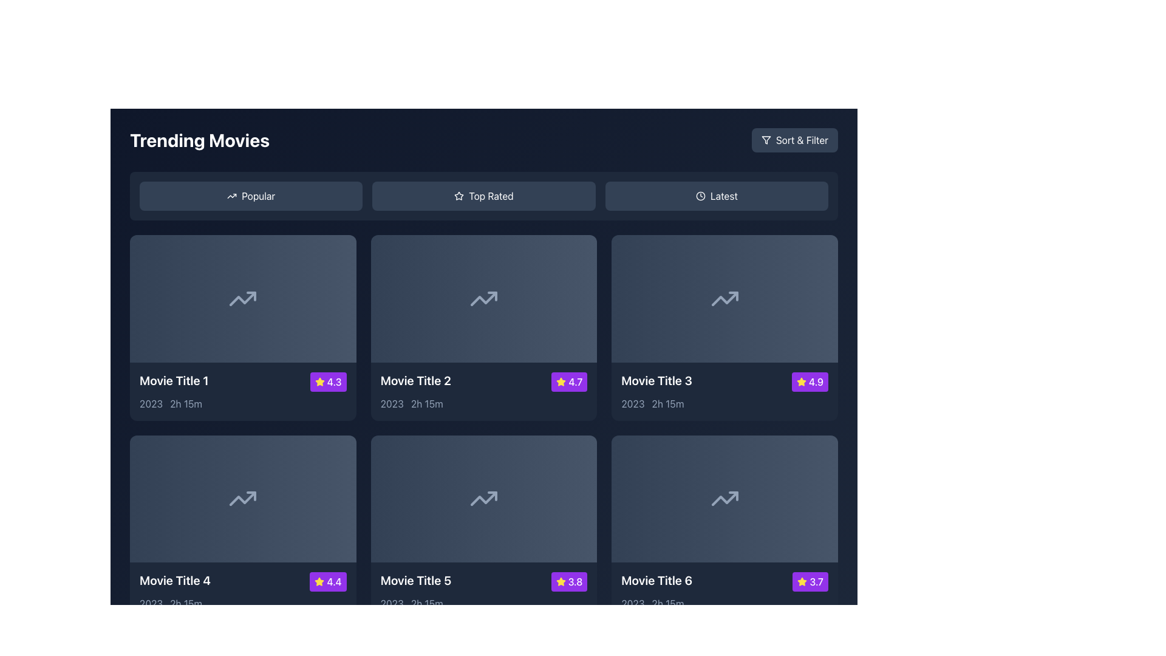 The width and height of the screenshot is (1166, 656). Describe the element at coordinates (243, 604) in the screenshot. I see `the informational label displaying the release year '2023' and runtime '2h 15m' for 'Movie Title 4', located at the bottom-left of the card` at that location.